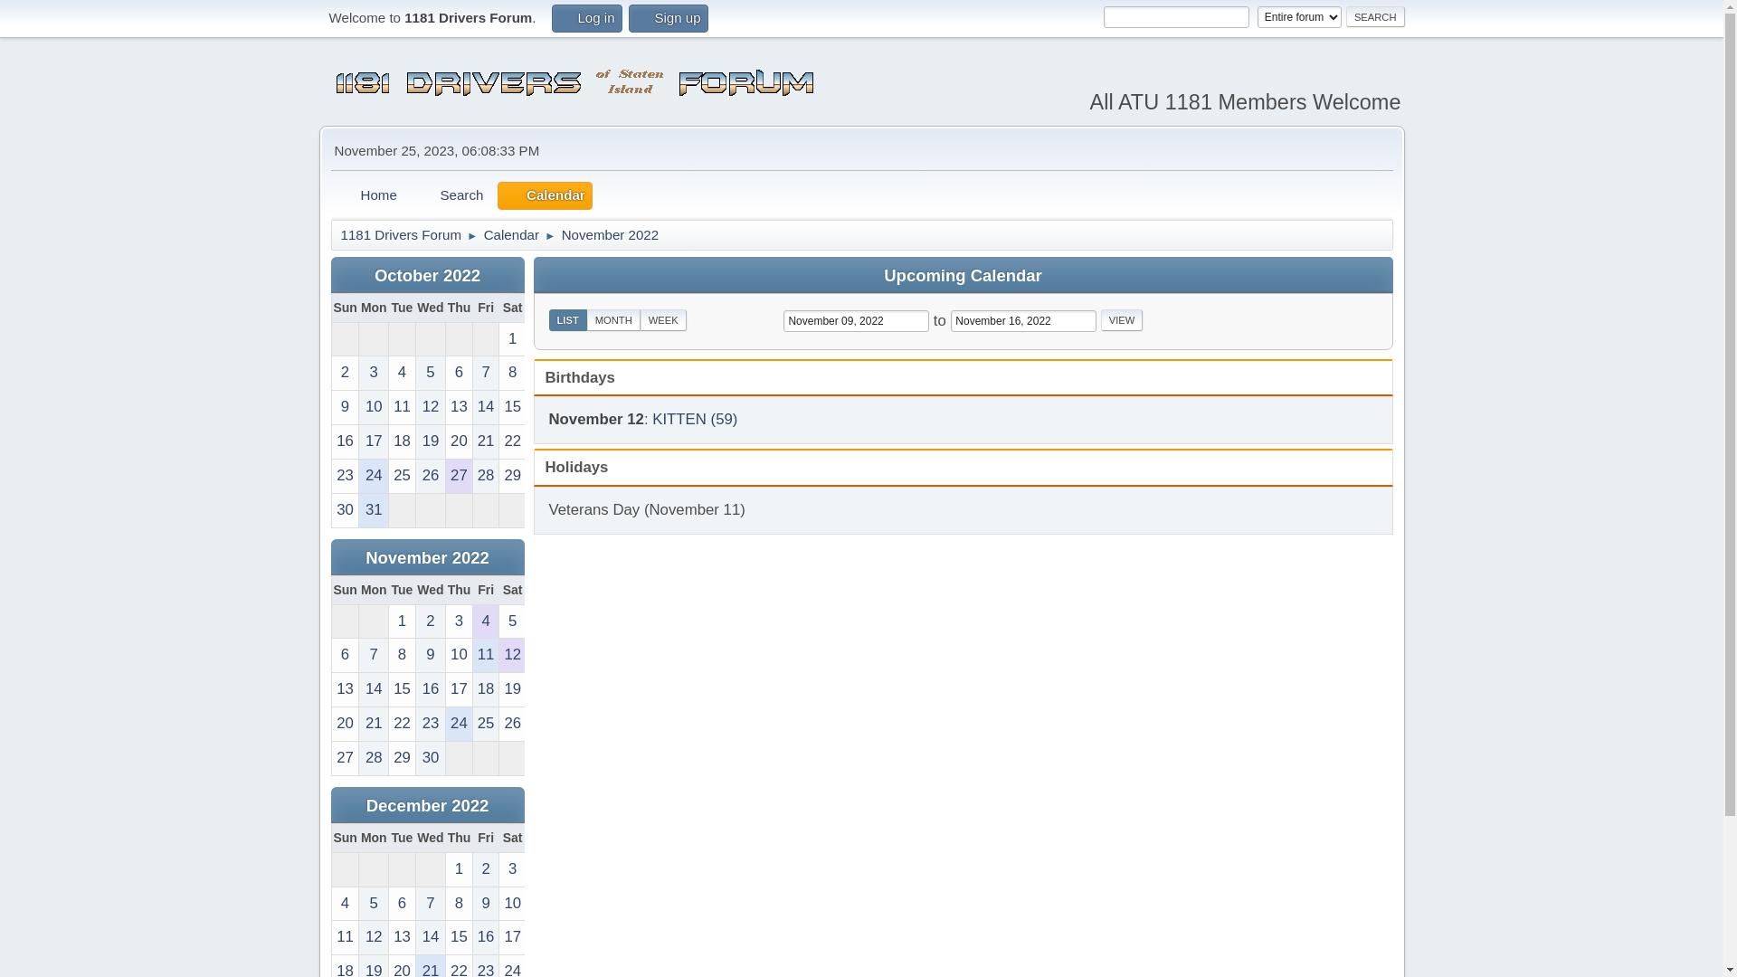  What do you see at coordinates (511, 339) in the screenshot?
I see `'1'` at bounding box center [511, 339].